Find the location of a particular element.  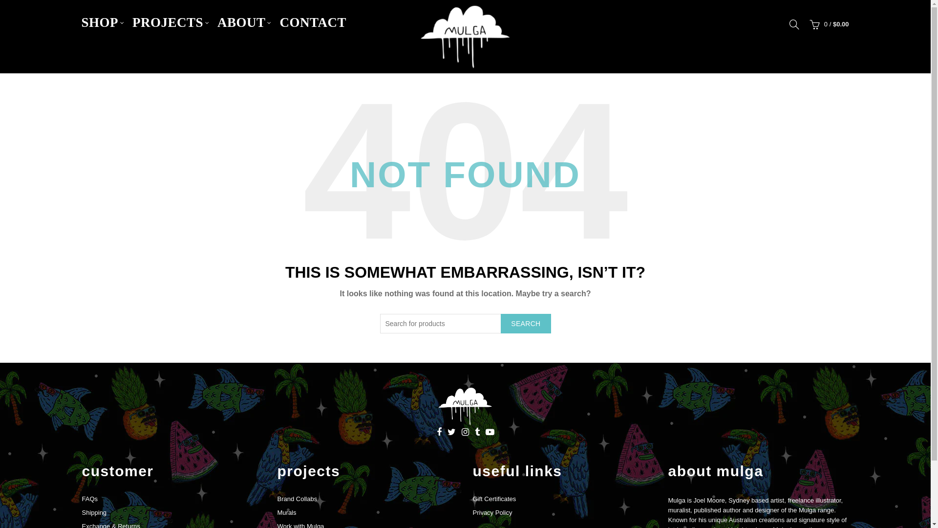

'SEARCH' is located at coordinates (525, 324).